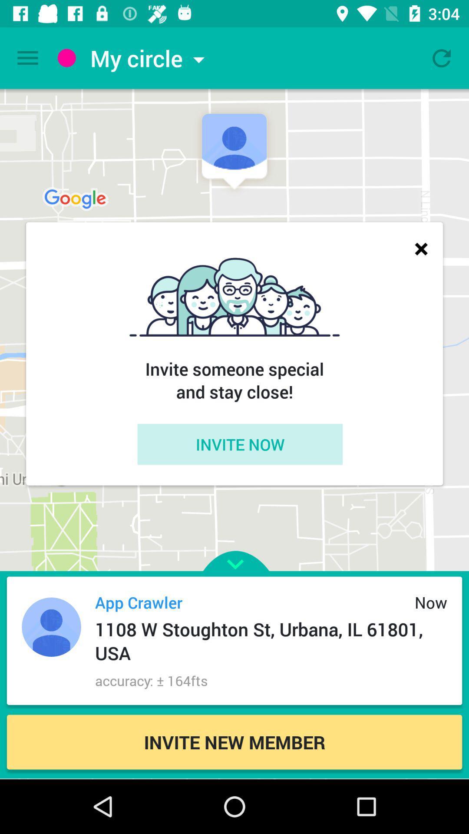  I want to click on the icon below invite now item, so click(234, 548).